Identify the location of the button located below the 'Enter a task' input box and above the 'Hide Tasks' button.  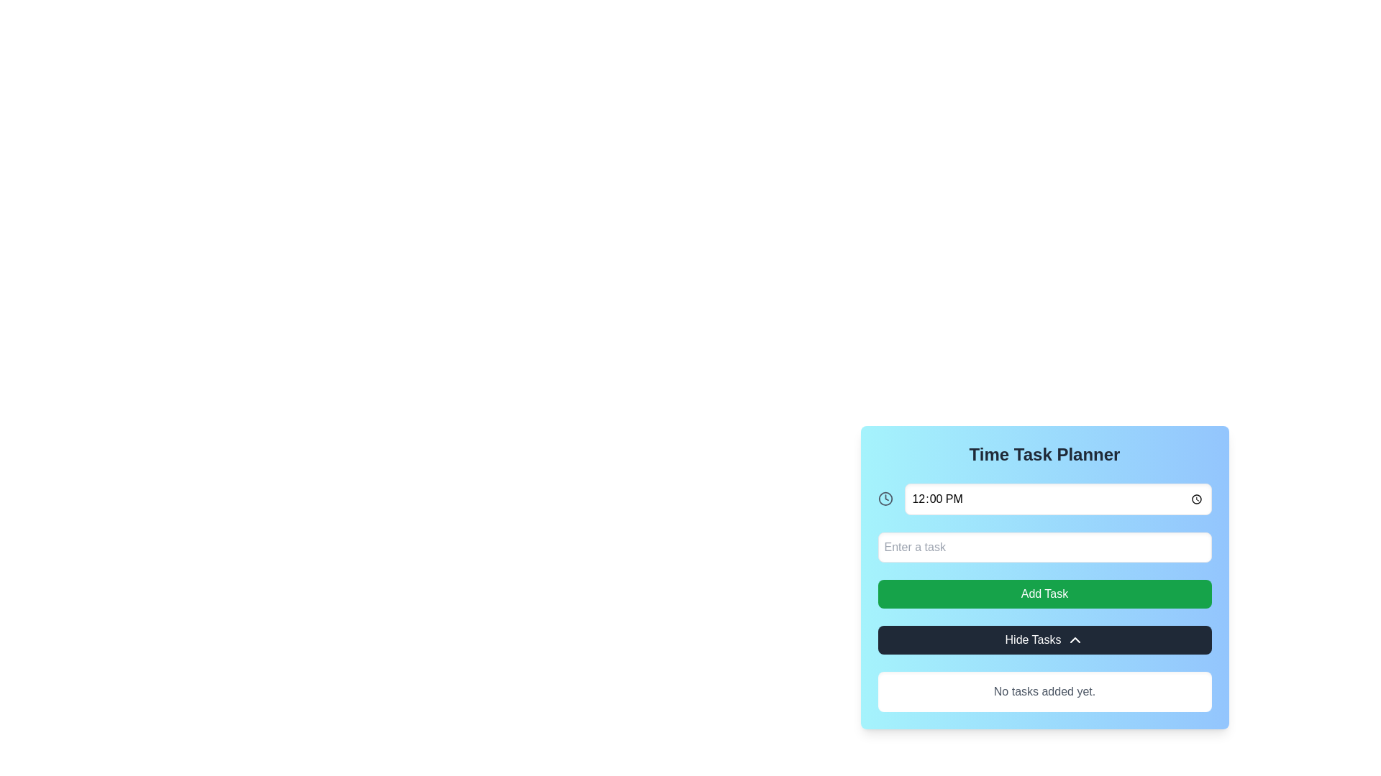
(1044, 593).